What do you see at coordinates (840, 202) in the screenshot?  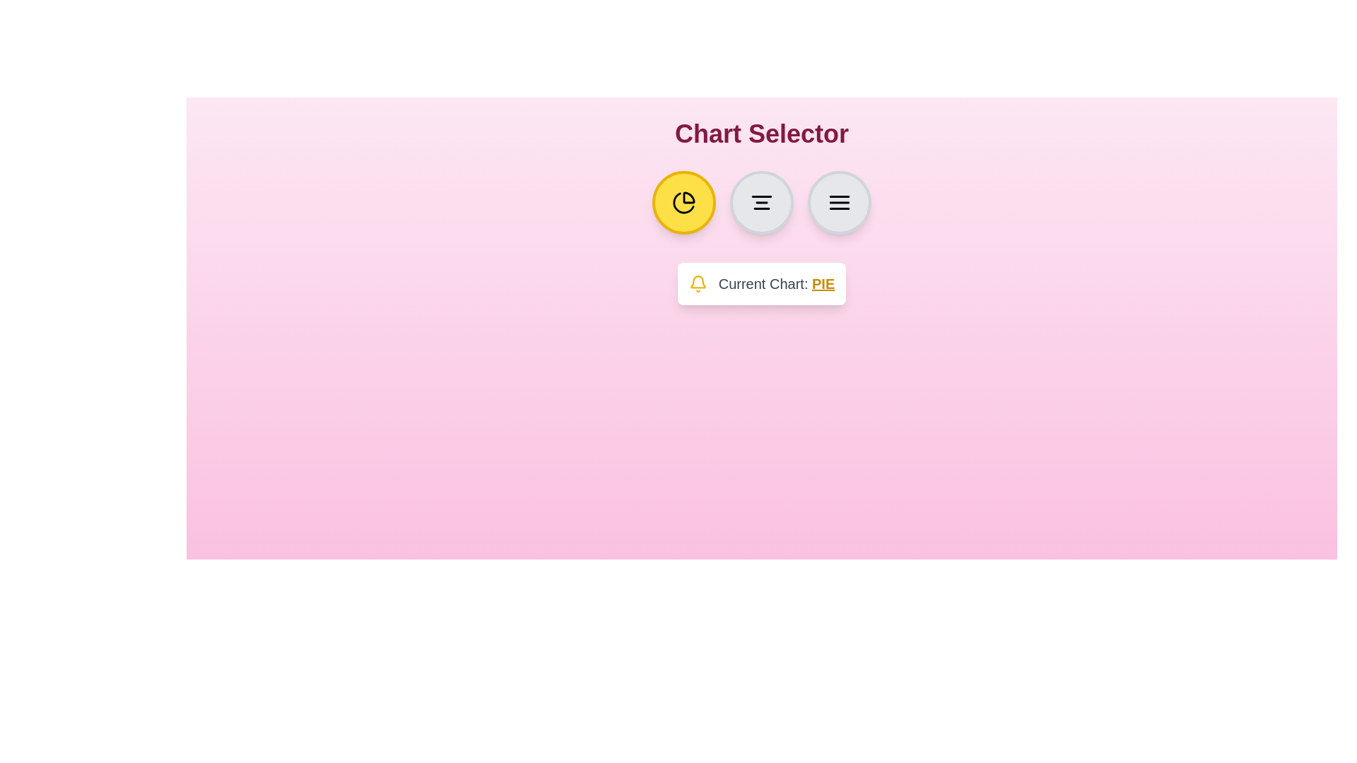 I see `the chart type by clicking on the corresponding button. The parameter bar specifies the chart type to select` at bounding box center [840, 202].